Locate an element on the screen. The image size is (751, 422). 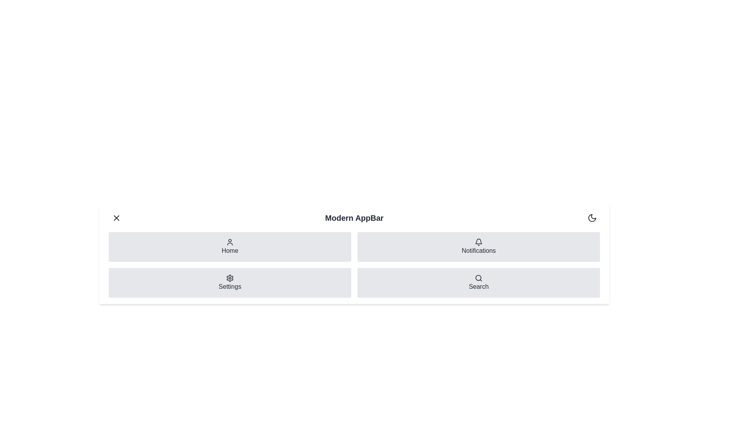
the navigation item Home to navigate to the respective section is located at coordinates (230, 247).